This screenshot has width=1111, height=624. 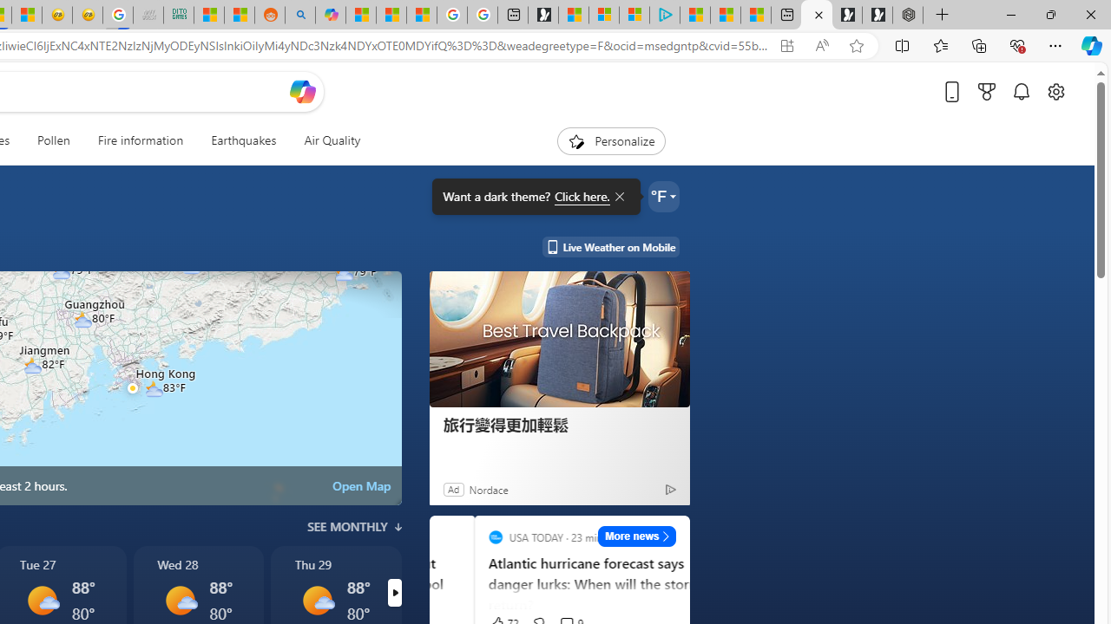 What do you see at coordinates (332, 140) in the screenshot?
I see `'Air Quality'` at bounding box center [332, 140].